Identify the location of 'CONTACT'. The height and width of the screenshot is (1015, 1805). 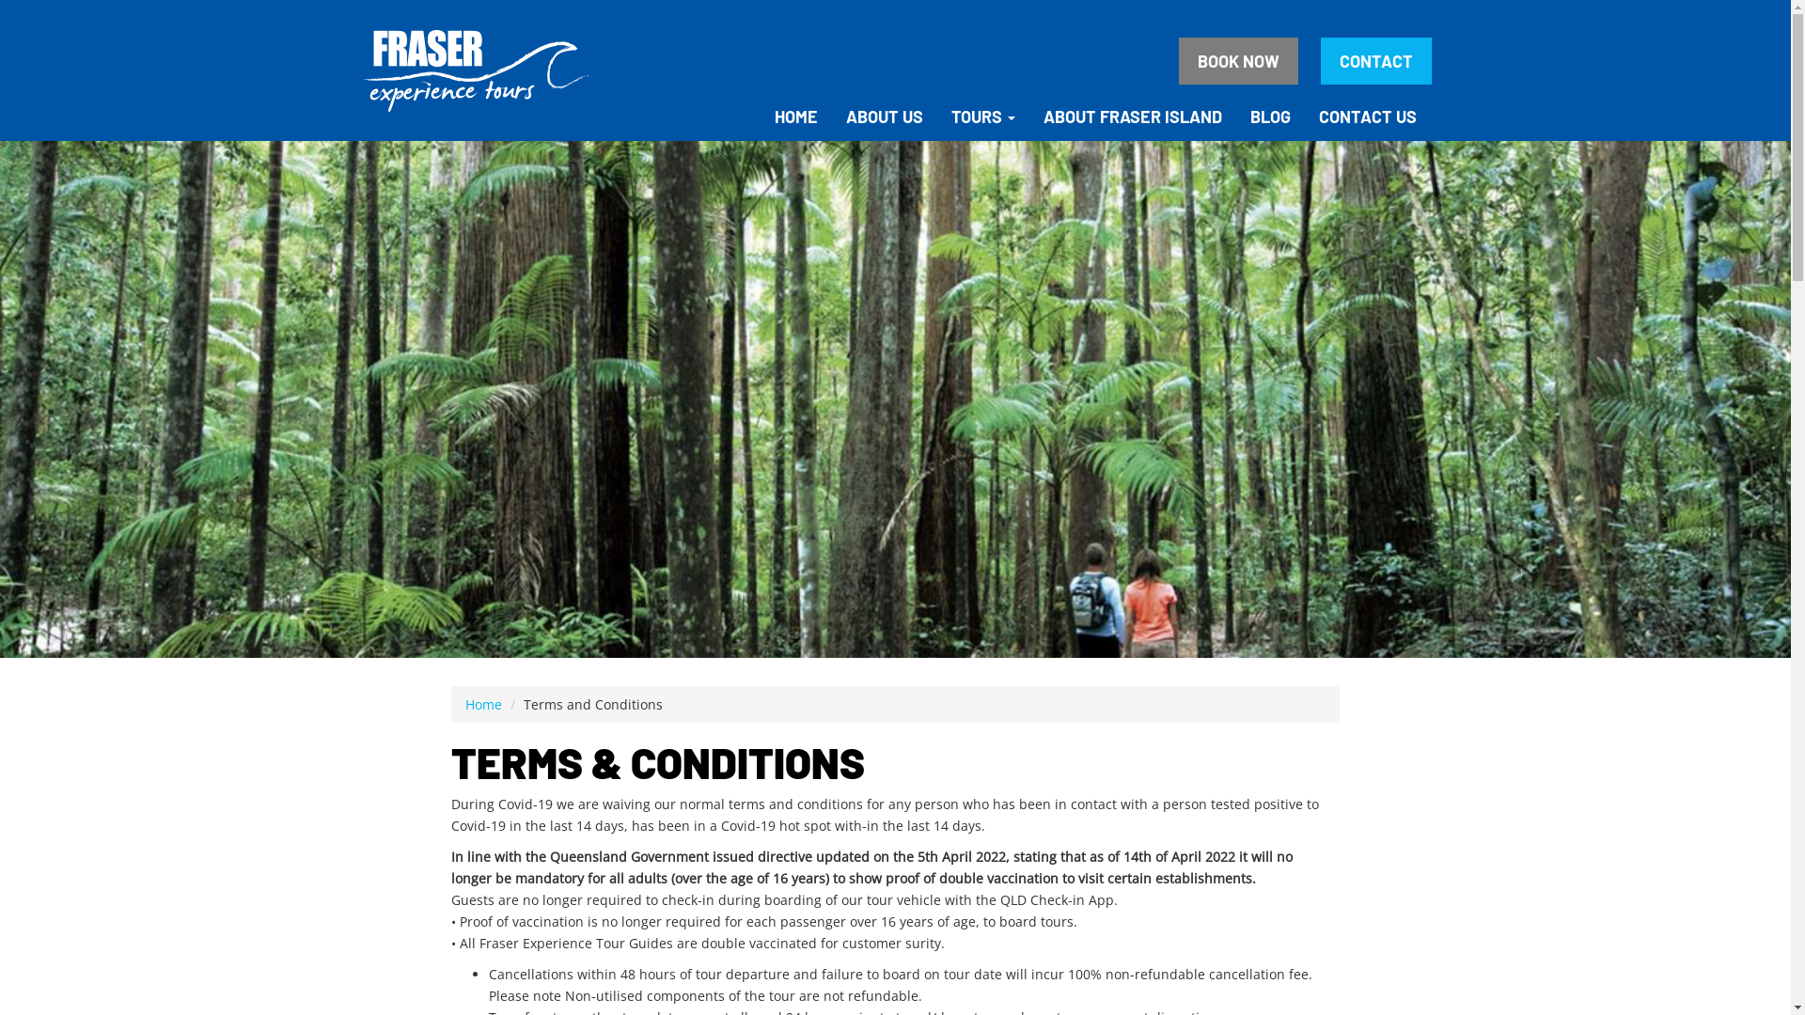
(1375, 60).